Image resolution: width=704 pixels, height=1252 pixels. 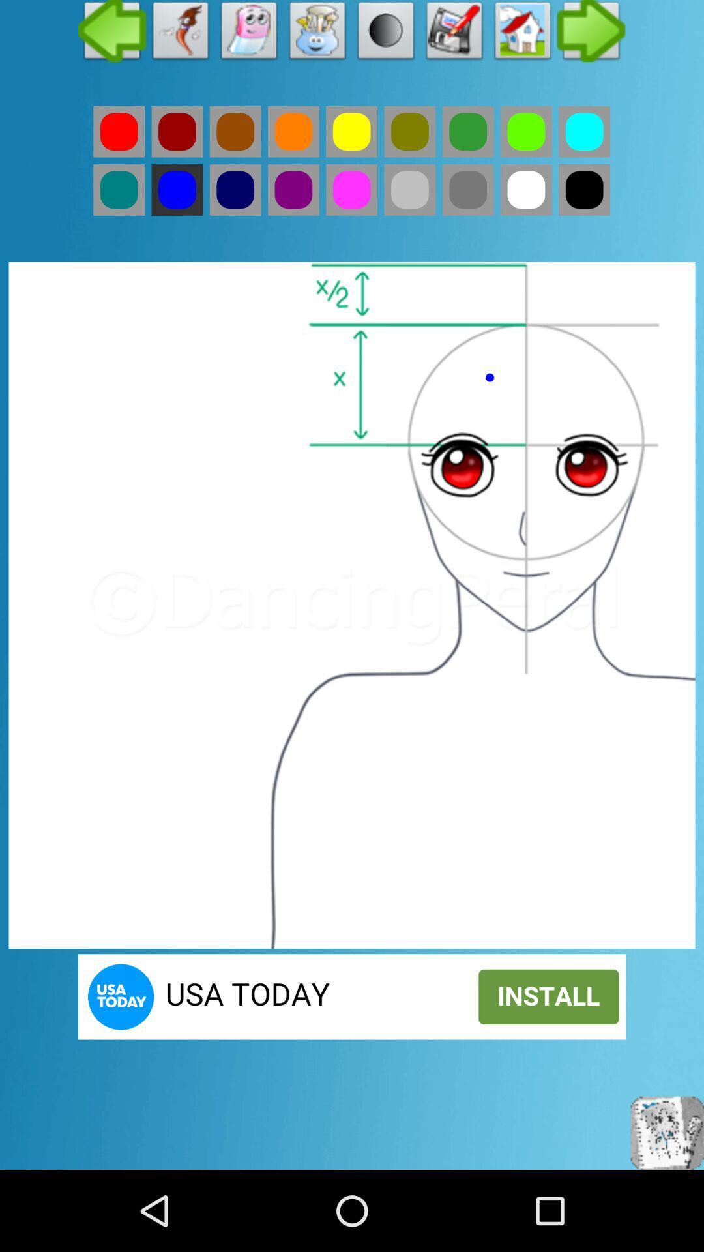 What do you see at coordinates (177, 189) in the screenshot?
I see `colour option` at bounding box center [177, 189].